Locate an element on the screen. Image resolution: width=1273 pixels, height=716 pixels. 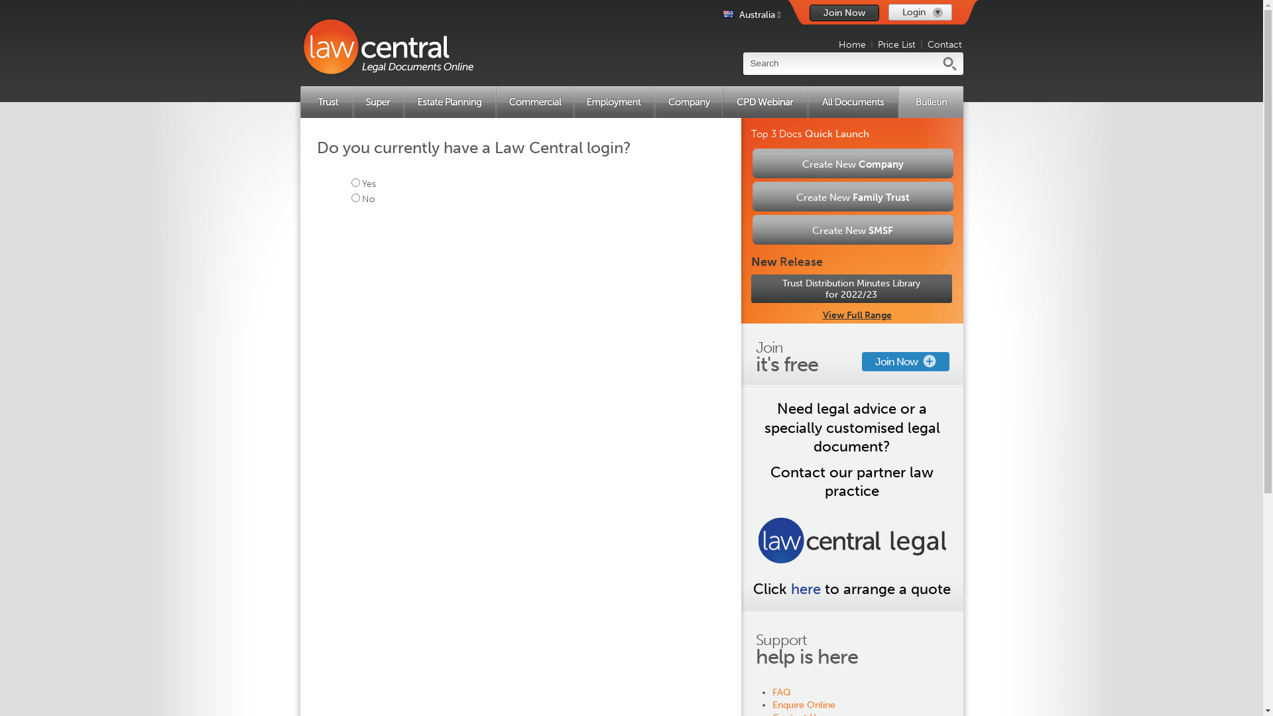
'Contact' is located at coordinates (944, 44).